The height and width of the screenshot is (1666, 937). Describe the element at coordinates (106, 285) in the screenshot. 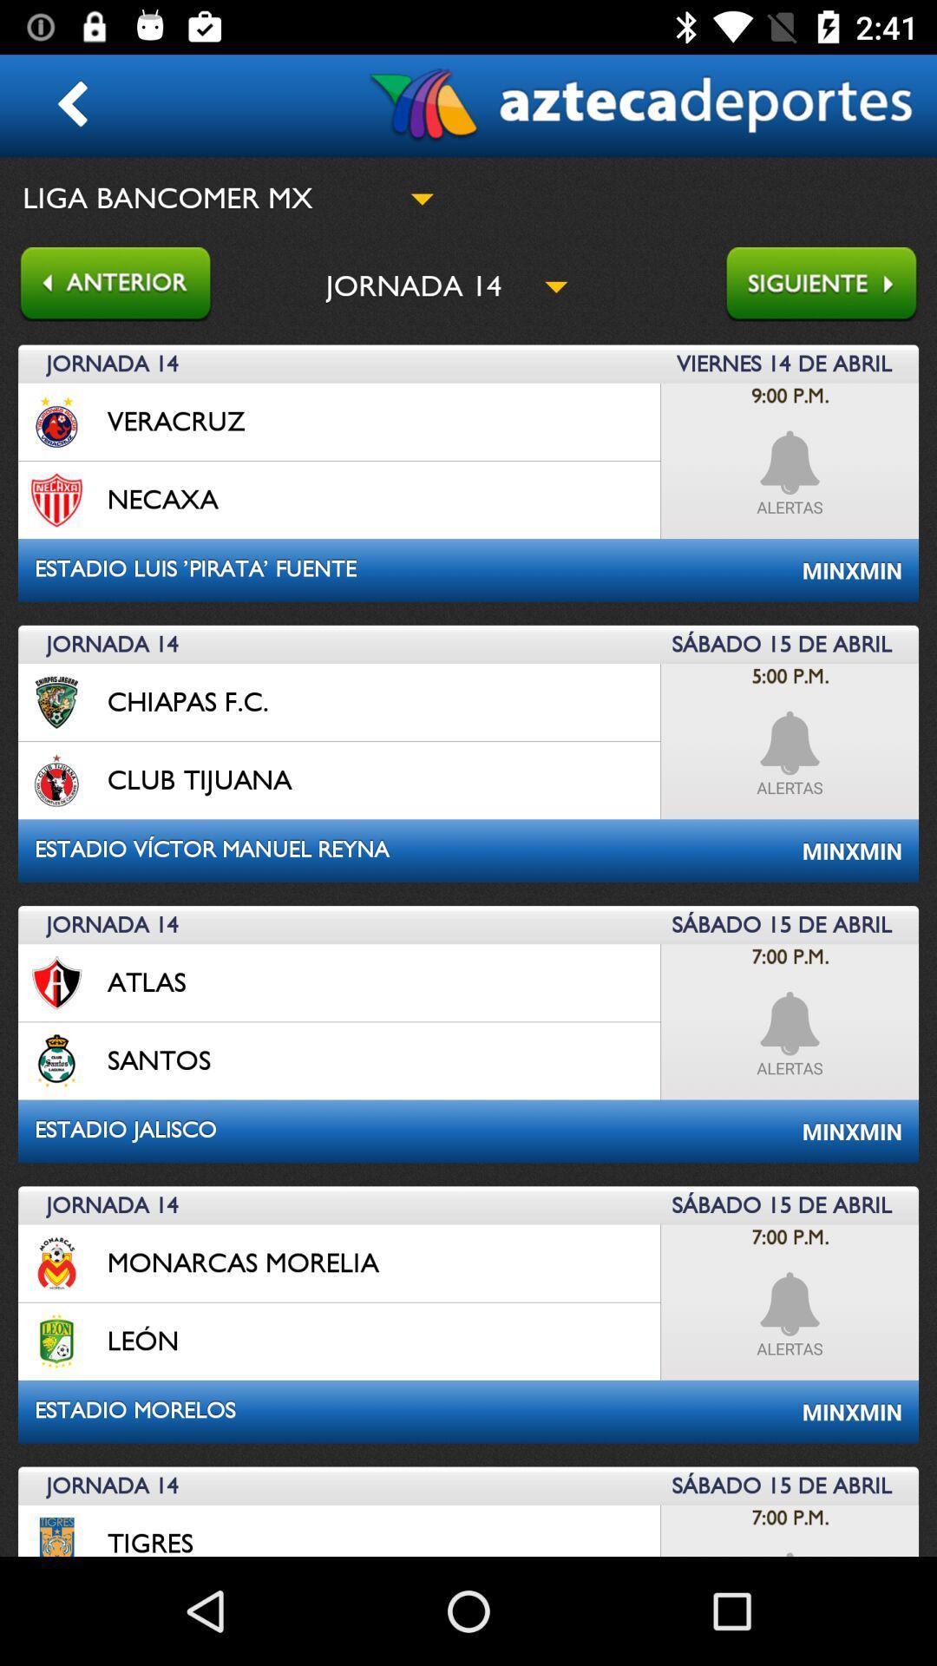

I see `return to previous` at that location.